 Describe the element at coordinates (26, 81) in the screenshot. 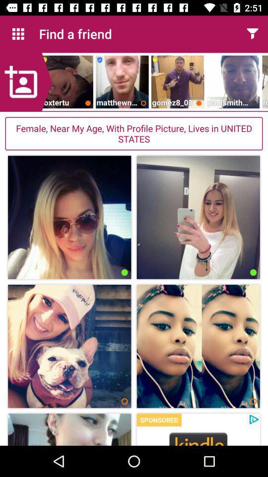

I see `the follow icon` at that location.